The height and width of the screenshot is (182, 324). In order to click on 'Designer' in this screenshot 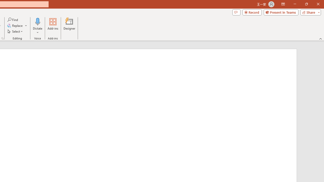, I will do `click(69, 26)`.